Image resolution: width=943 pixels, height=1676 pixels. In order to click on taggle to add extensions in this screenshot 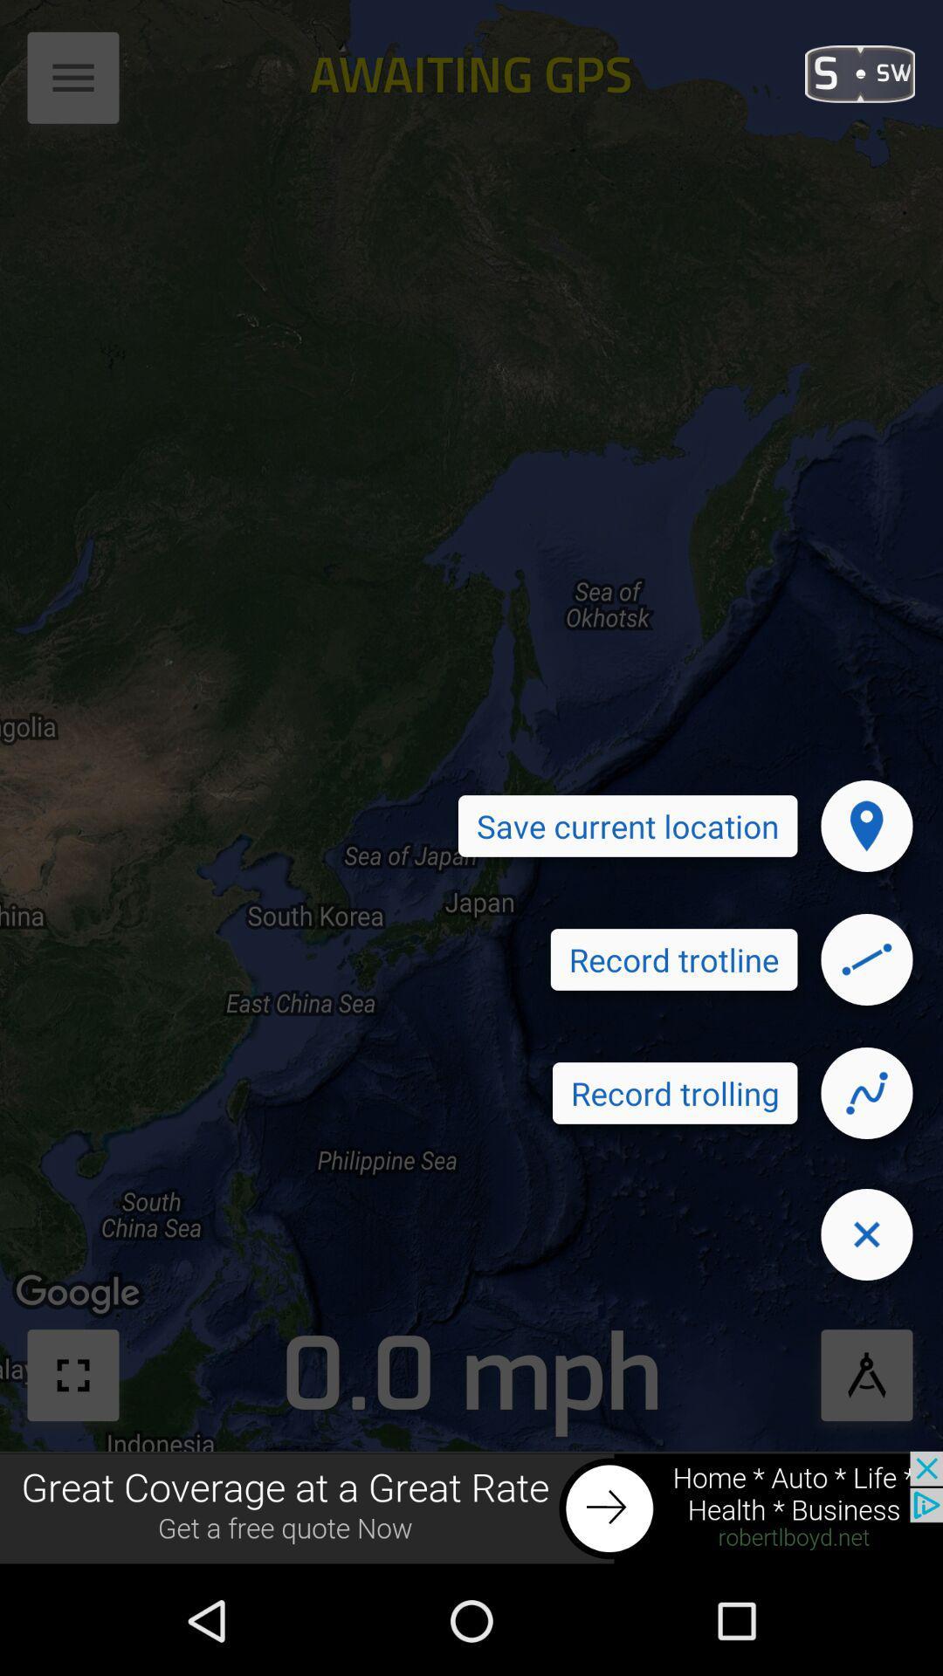, I will do `click(73, 83)`.